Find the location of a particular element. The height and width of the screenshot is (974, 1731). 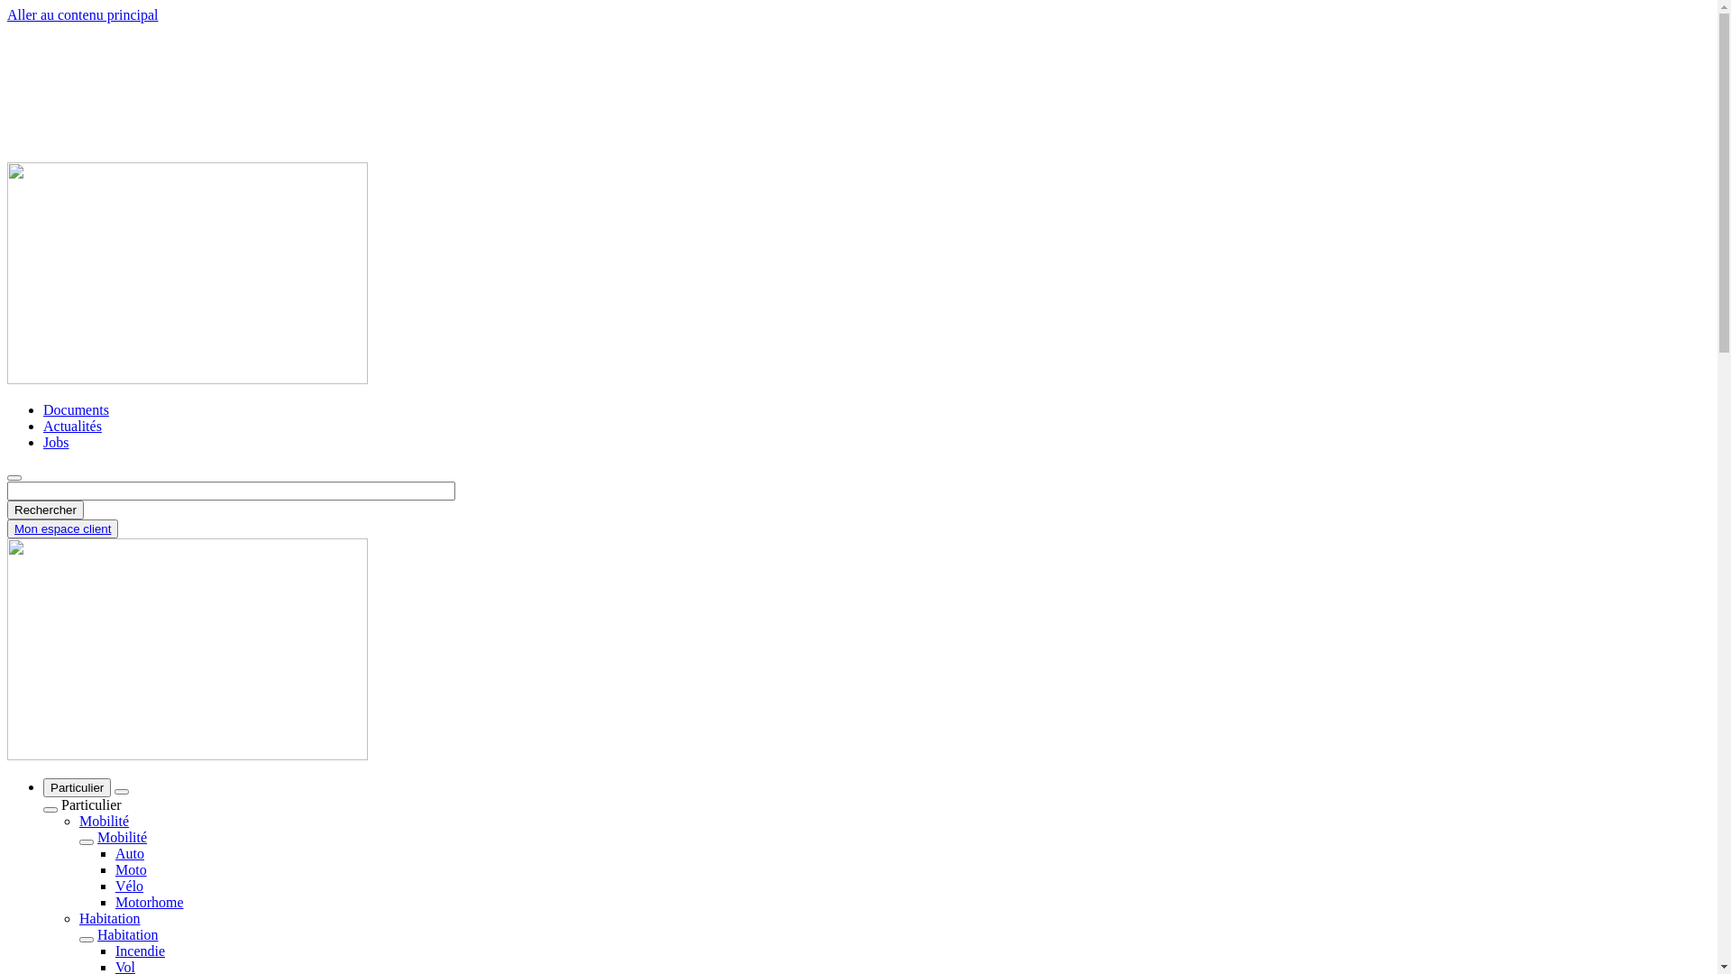

'Habitation' is located at coordinates (108, 918).